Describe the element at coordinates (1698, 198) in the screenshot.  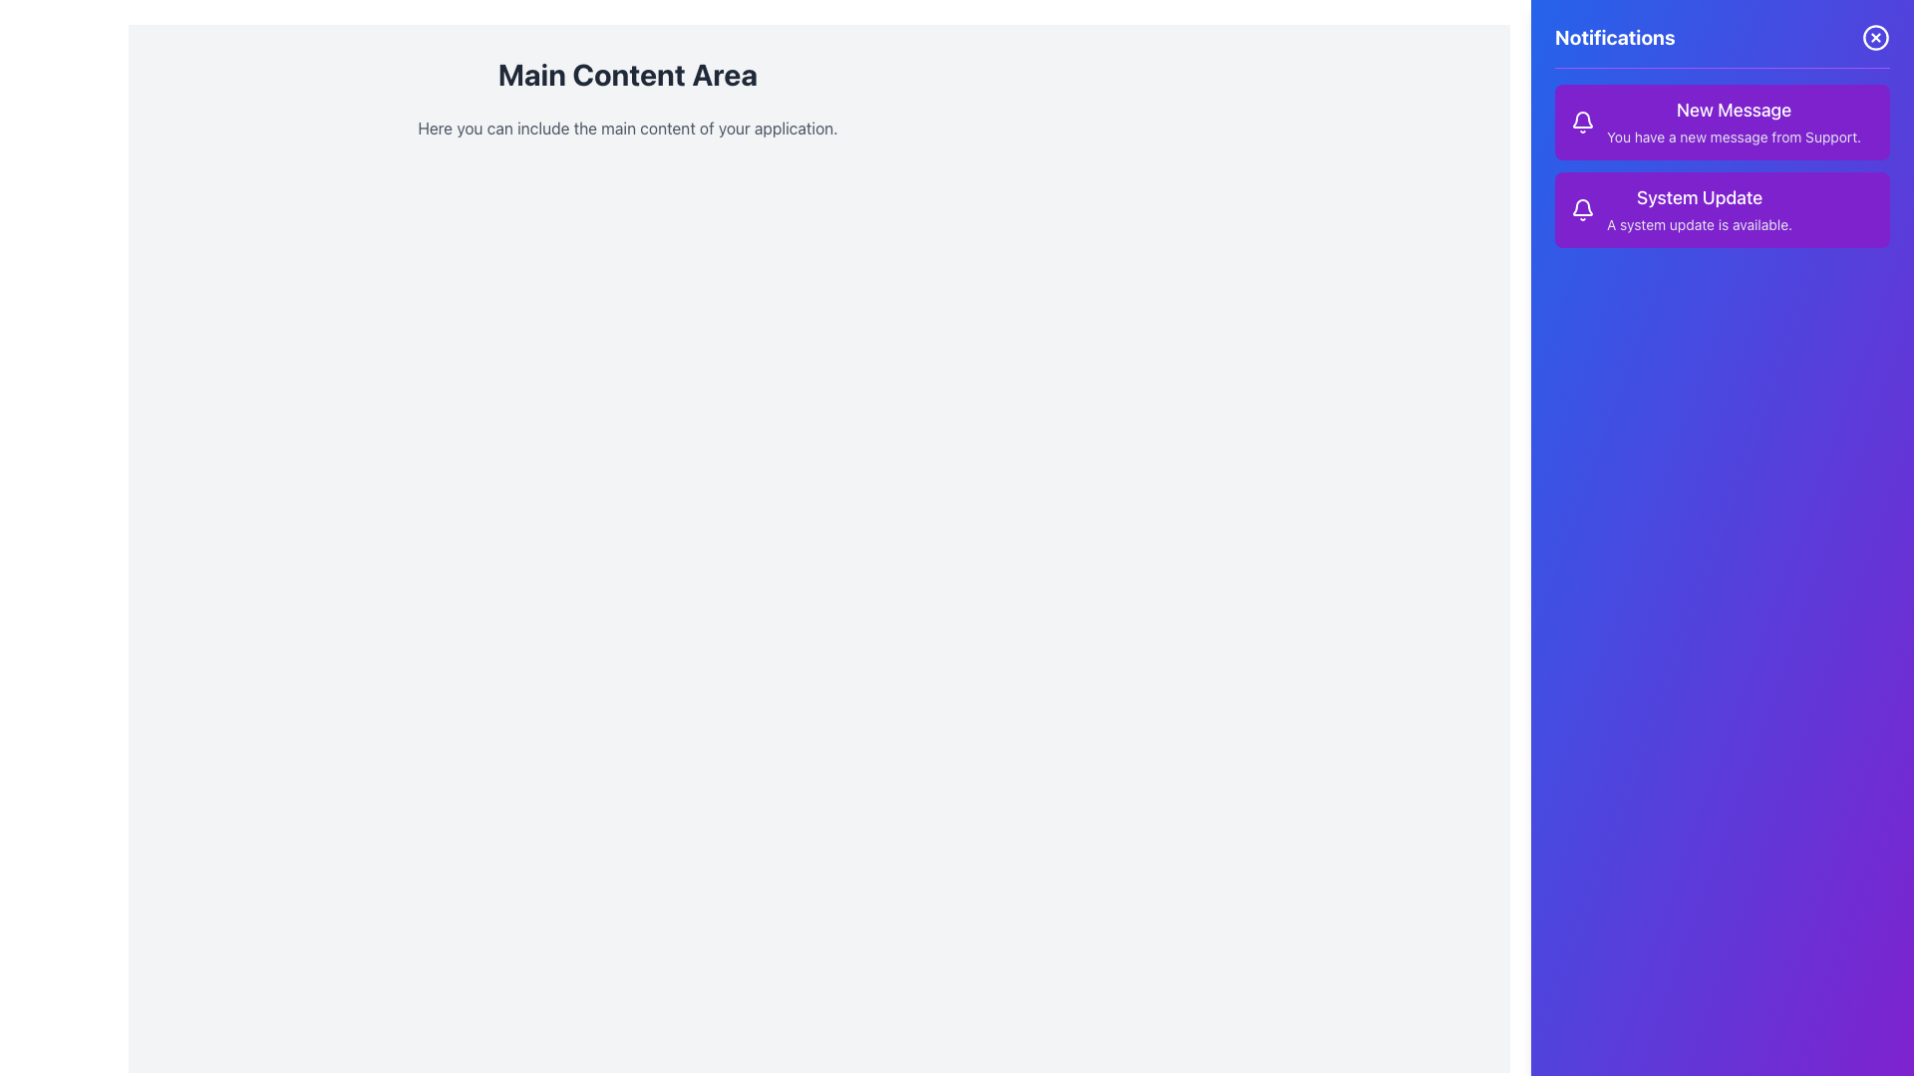
I see `text label that says 'System Update', which is styled in bold white font on a purple background, located at the top of the second notification card in the sidebar` at that location.